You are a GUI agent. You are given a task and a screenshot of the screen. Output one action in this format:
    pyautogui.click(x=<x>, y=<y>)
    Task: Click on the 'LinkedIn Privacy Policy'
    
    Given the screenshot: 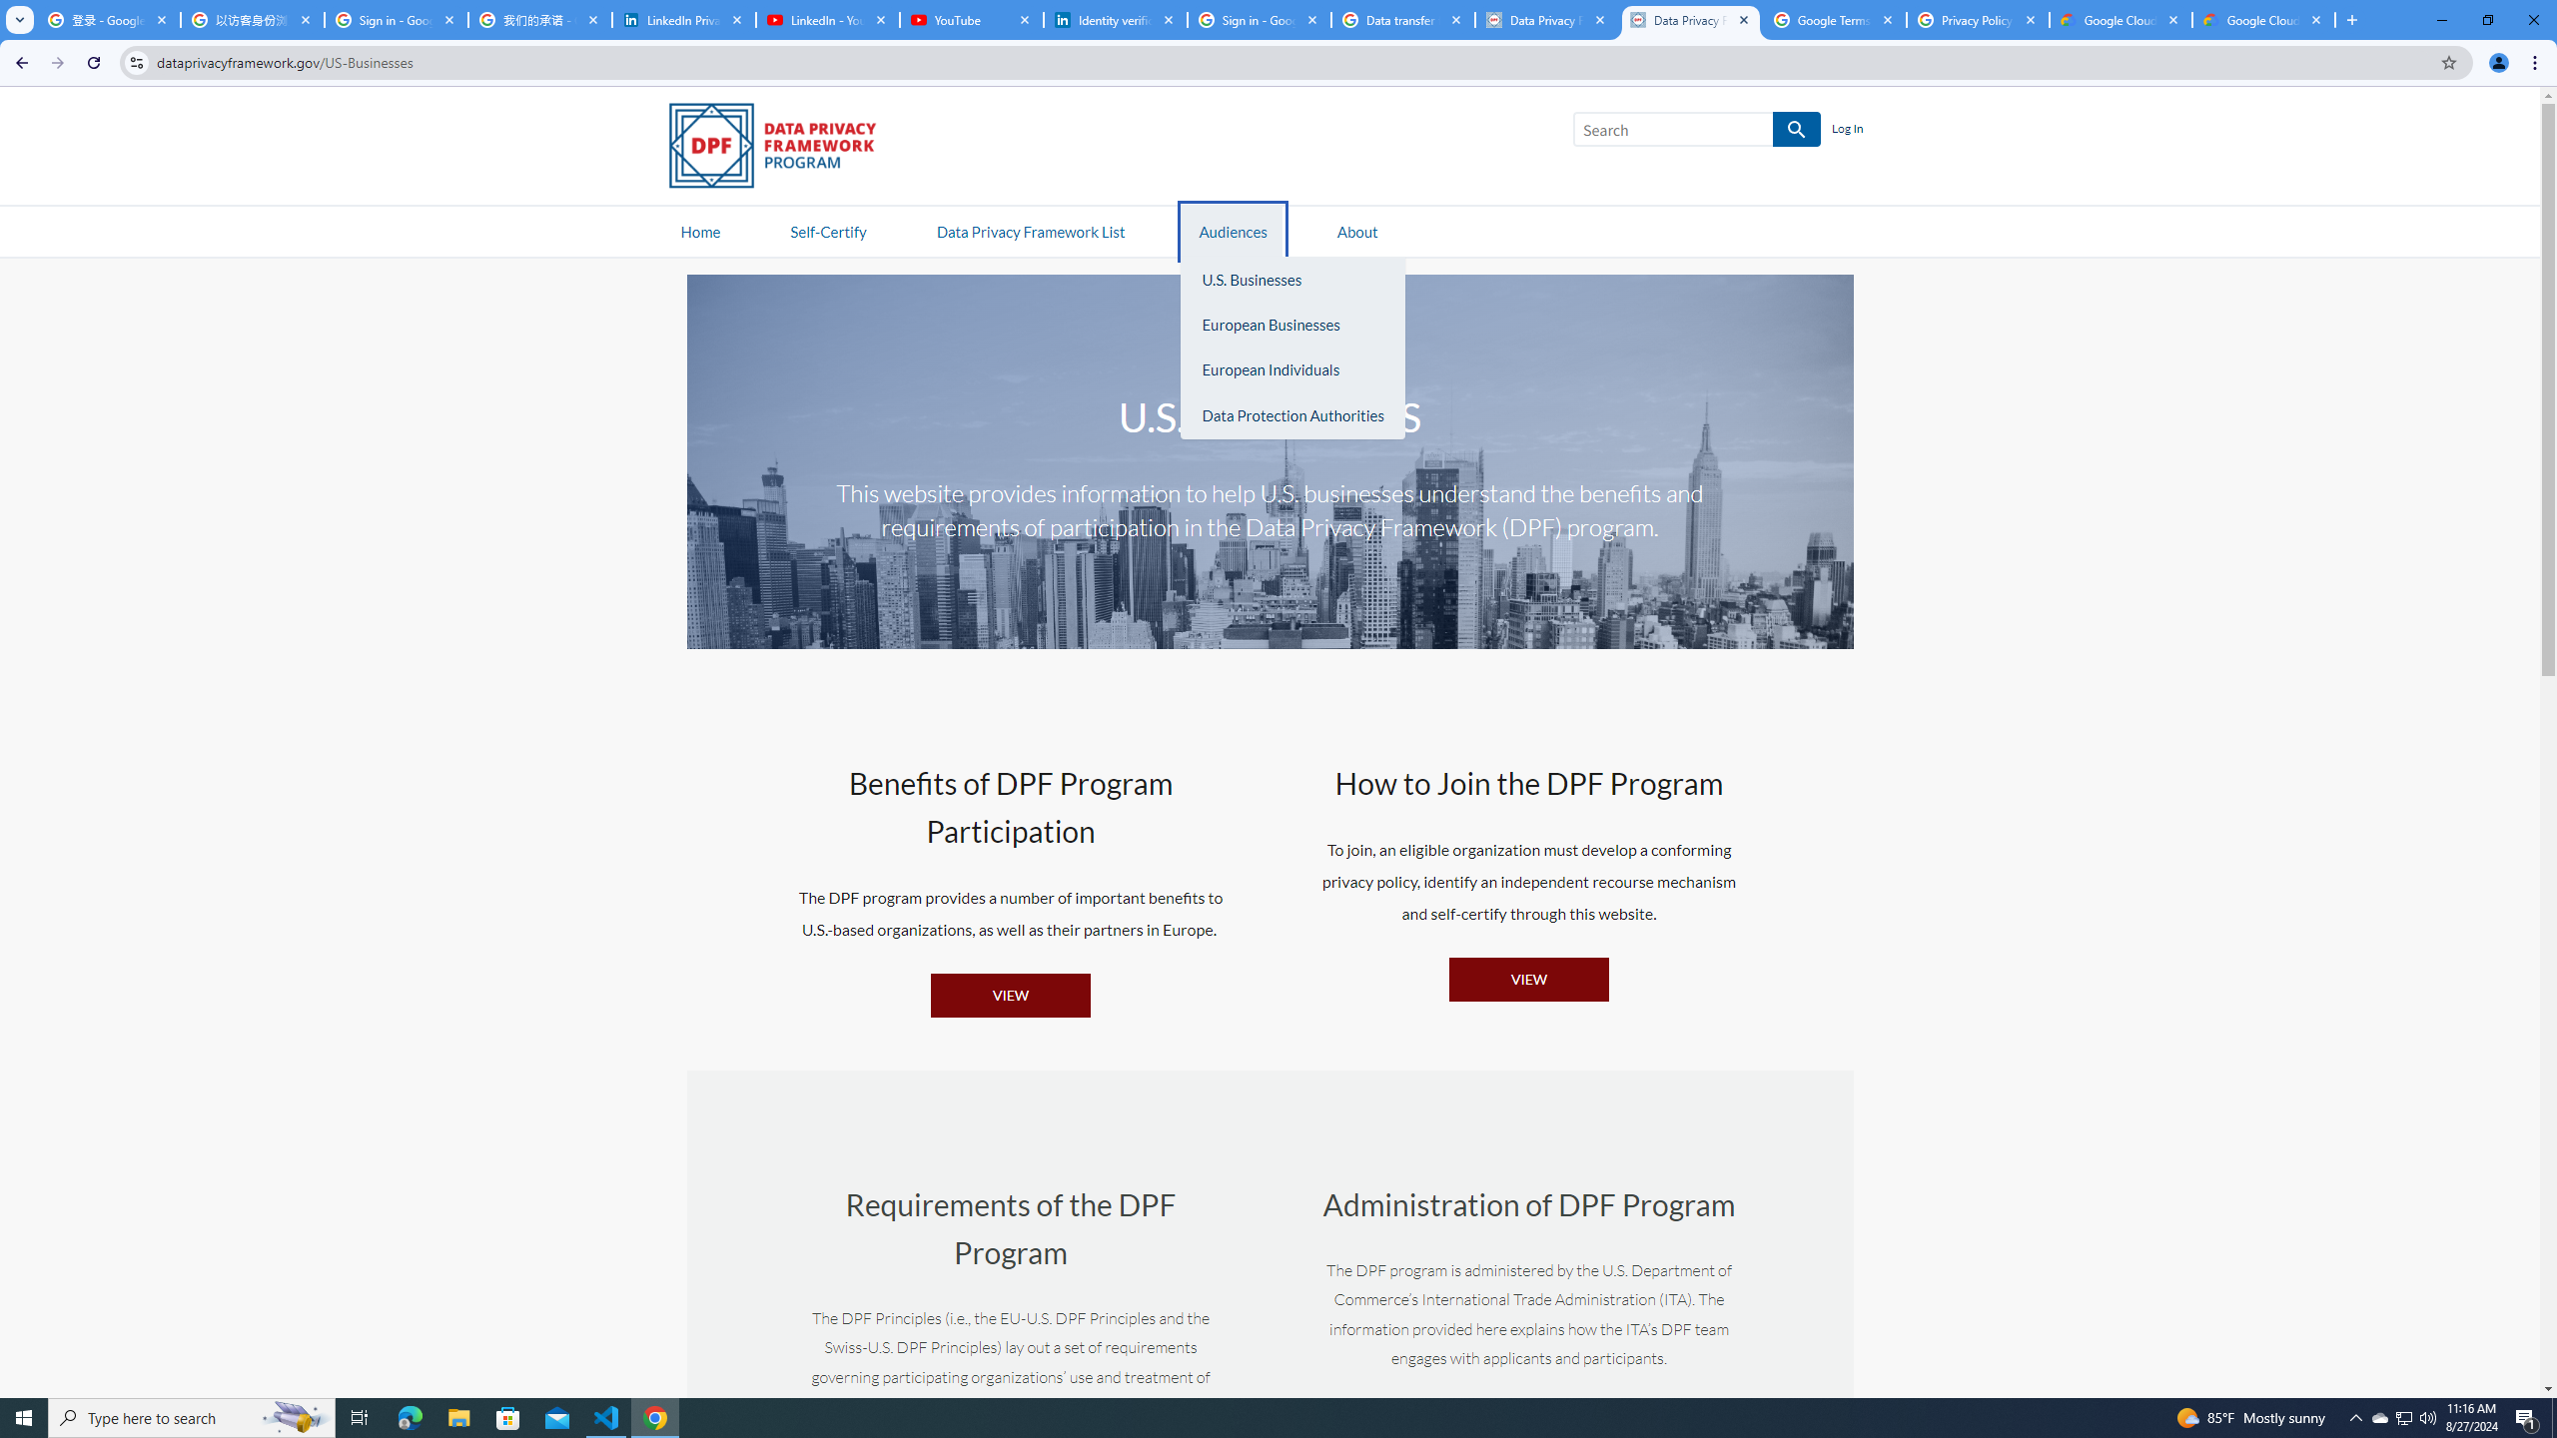 What is the action you would take?
    pyautogui.click(x=683, y=19)
    